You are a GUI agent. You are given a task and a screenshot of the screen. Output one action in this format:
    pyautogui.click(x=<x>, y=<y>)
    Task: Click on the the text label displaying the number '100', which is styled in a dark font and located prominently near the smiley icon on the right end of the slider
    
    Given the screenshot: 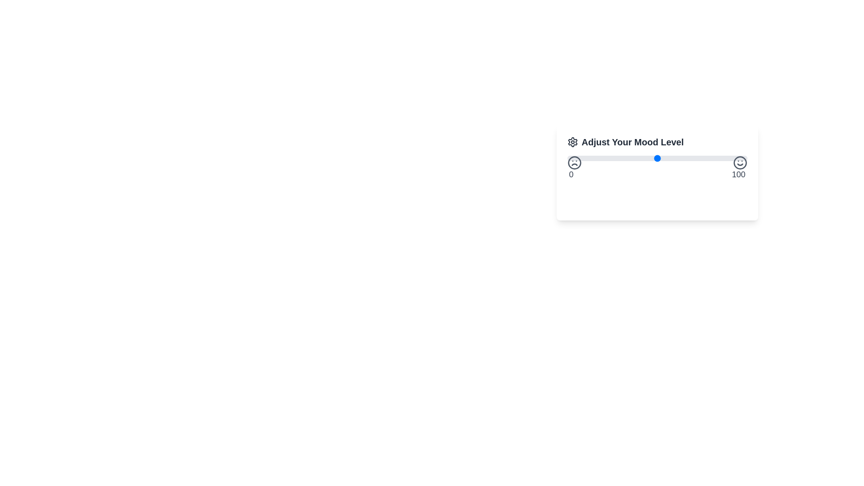 What is the action you would take?
    pyautogui.click(x=738, y=175)
    